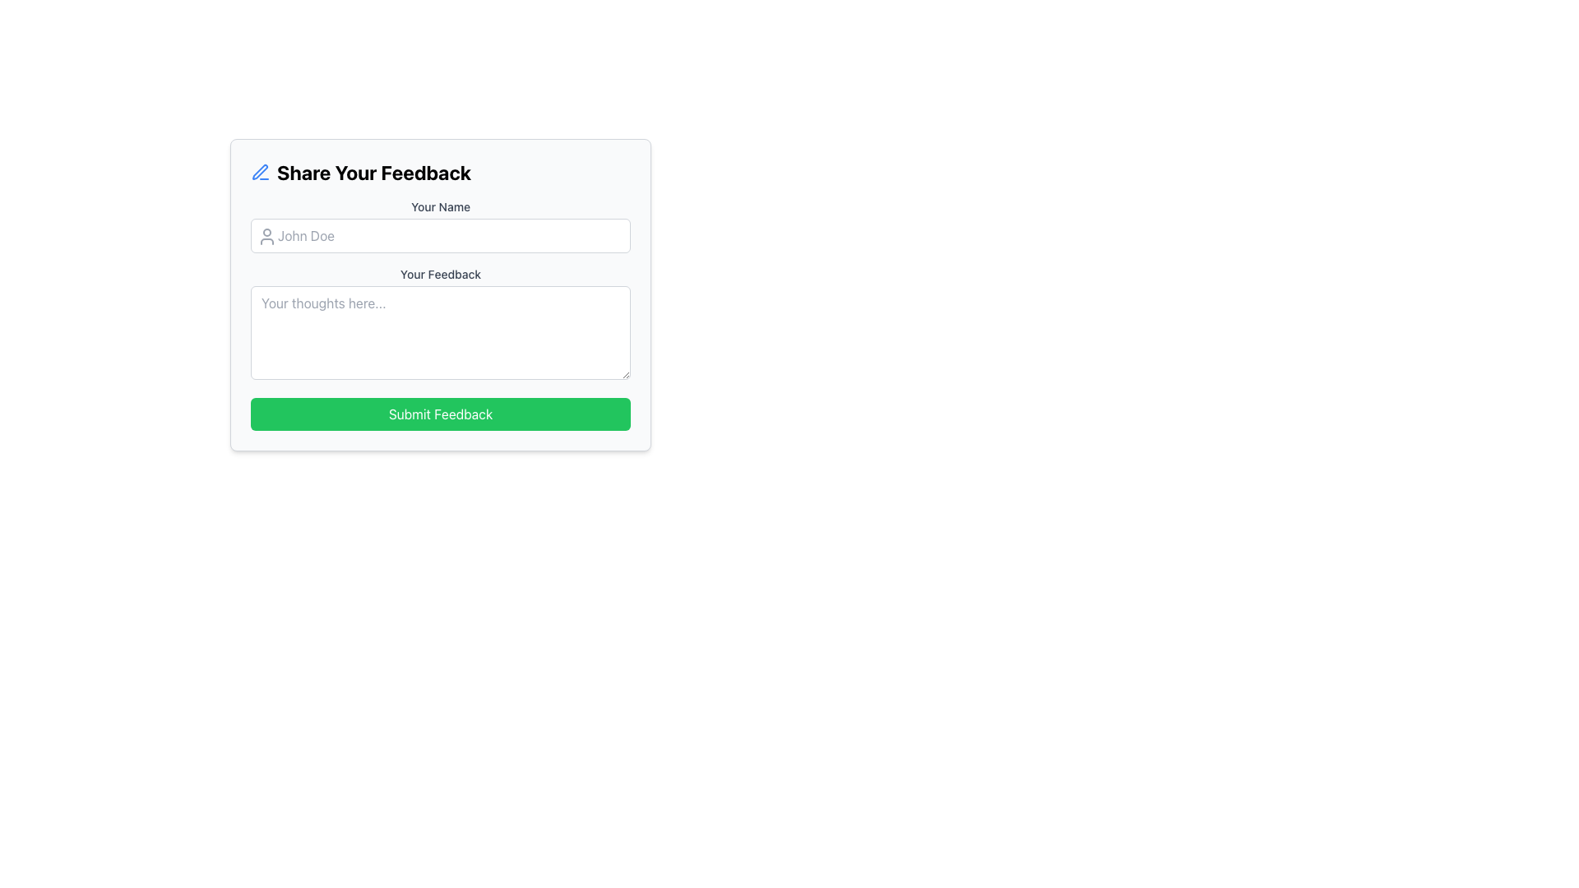  Describe the element at coordinates (441, 172) in the screenshot. I see `the bold text heading 'Share Your Feedback' which is styled in a larger font and accompanied by a blue pen icon, located at the top of the feedback form section` at that location.